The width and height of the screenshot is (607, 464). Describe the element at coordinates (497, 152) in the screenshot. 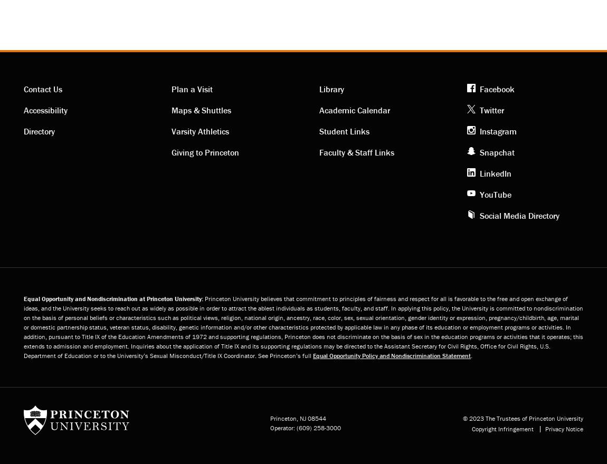

I see `'Snapchat'` at that location.